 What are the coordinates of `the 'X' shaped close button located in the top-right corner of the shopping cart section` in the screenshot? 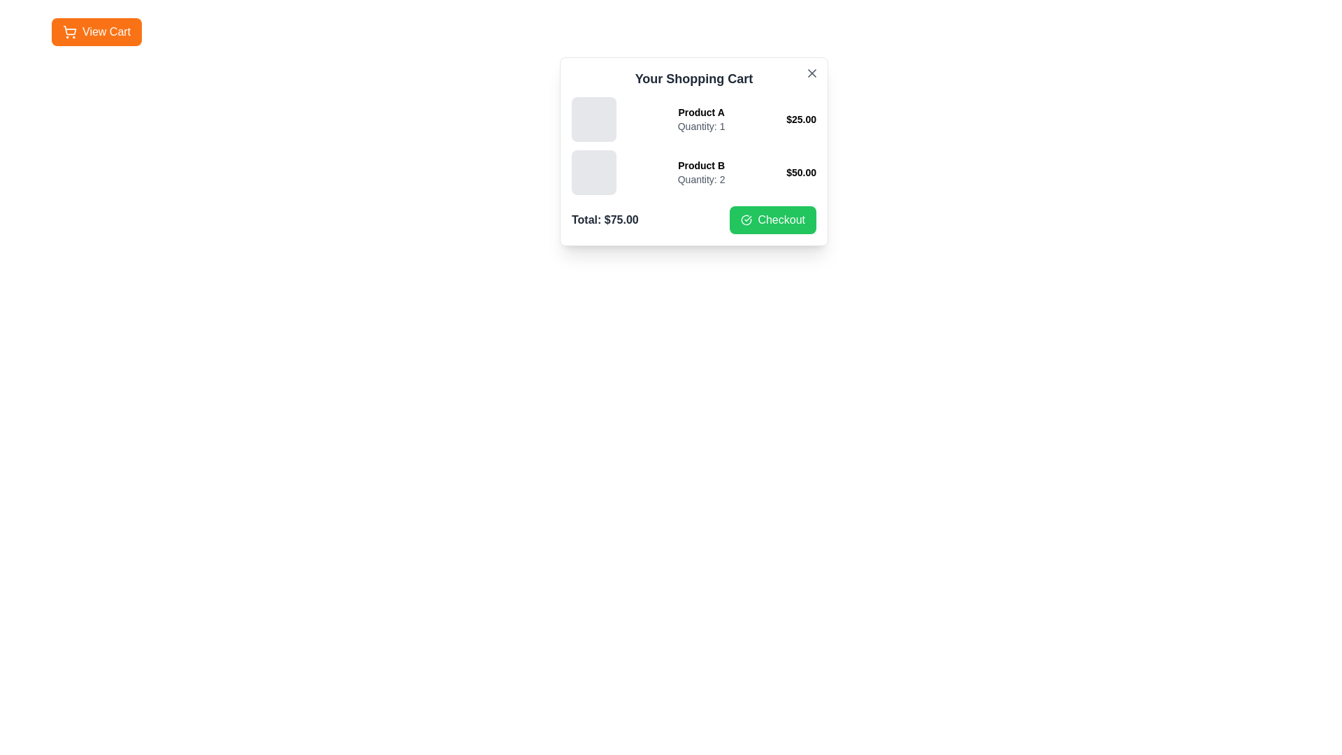 It's located at (811, 73).